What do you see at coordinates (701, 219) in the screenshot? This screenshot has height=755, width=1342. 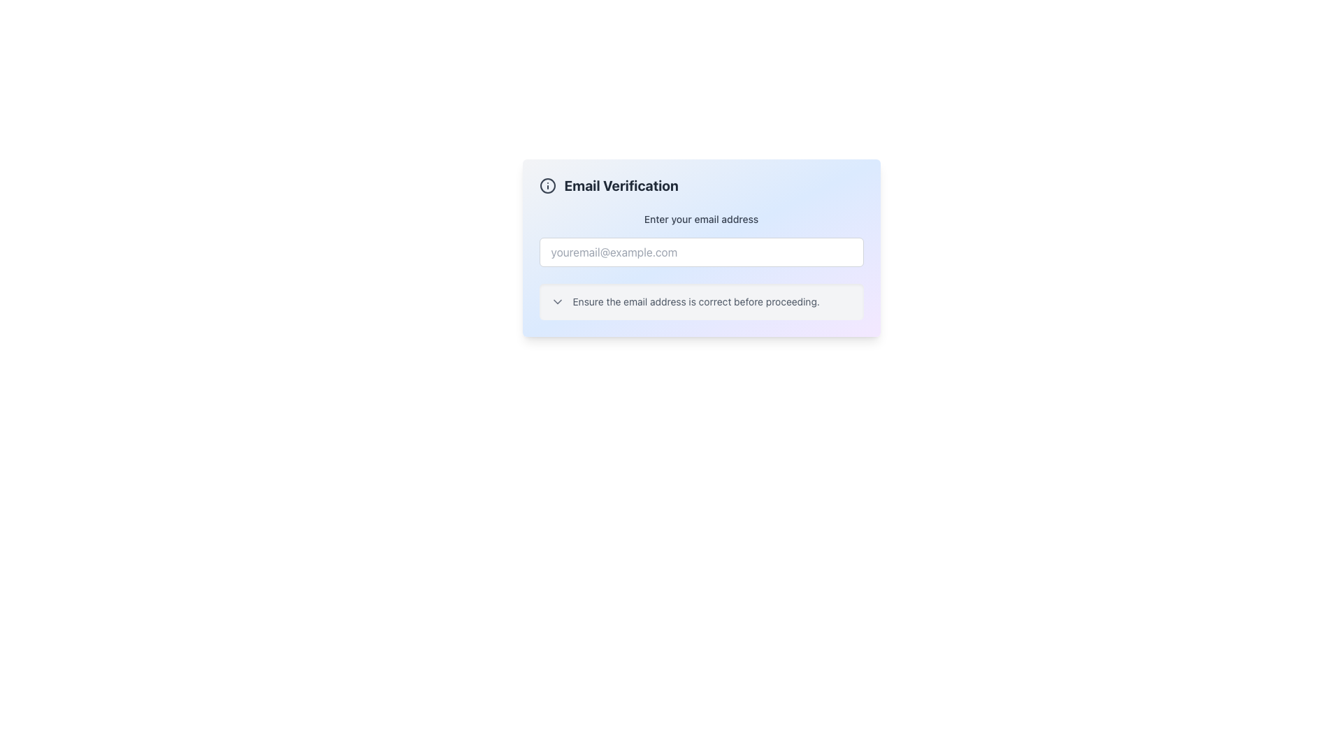 I see `the text label displaying 'Enter your email address.' which is positioned above the email input field` at bounding box center [701, 219].